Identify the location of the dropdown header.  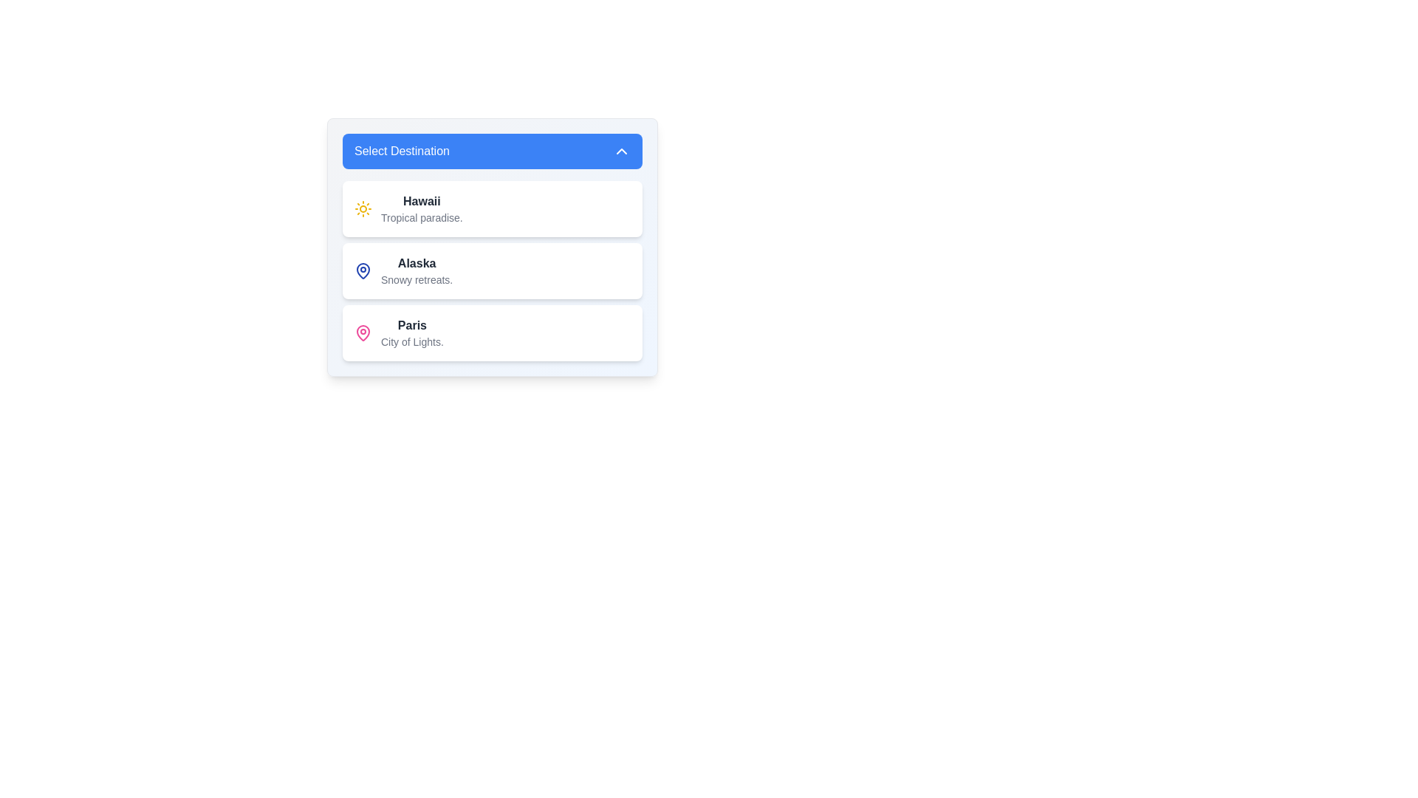
(402, 151).